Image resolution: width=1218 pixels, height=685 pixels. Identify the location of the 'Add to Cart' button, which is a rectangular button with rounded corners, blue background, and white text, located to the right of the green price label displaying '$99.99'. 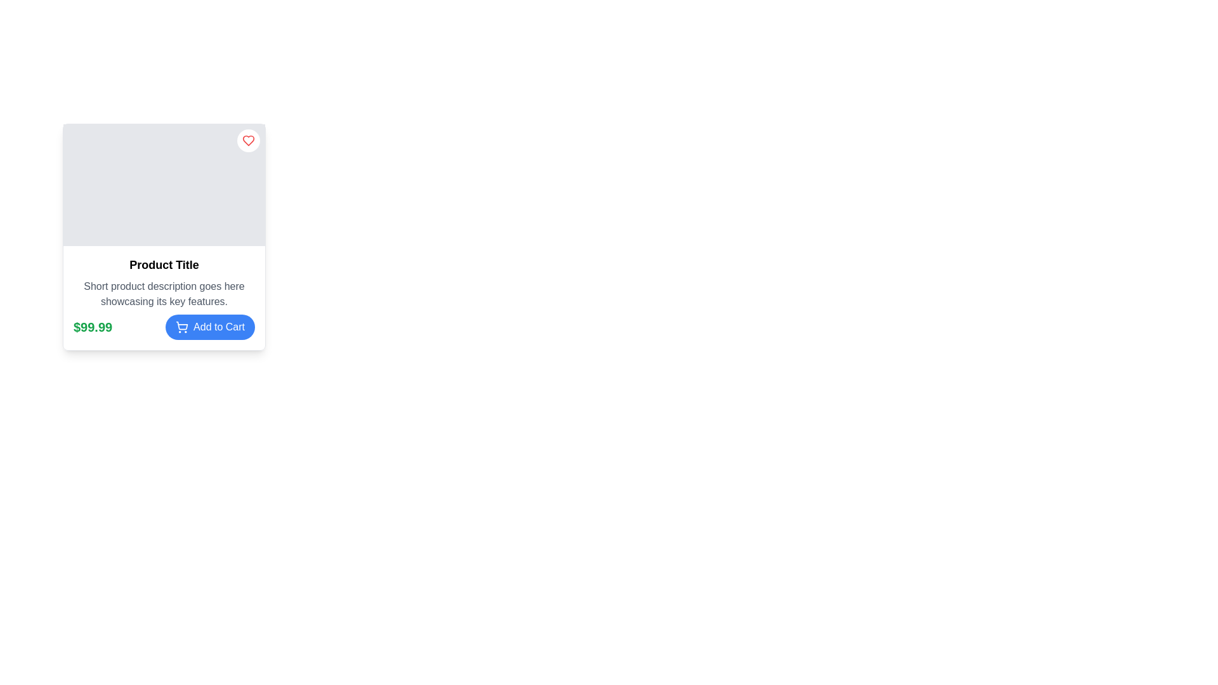
(210, 327).